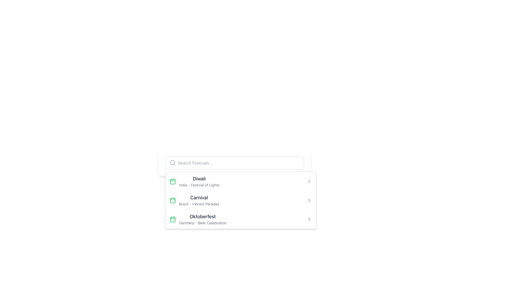 This screenshot has height=284, width=505. What do you see at coordinates (309, 219) in the screenshot?
I see `the chevron icon located at the far right of the 'Oktoberfest' entry in the menu` at bounding box center [309, 219].